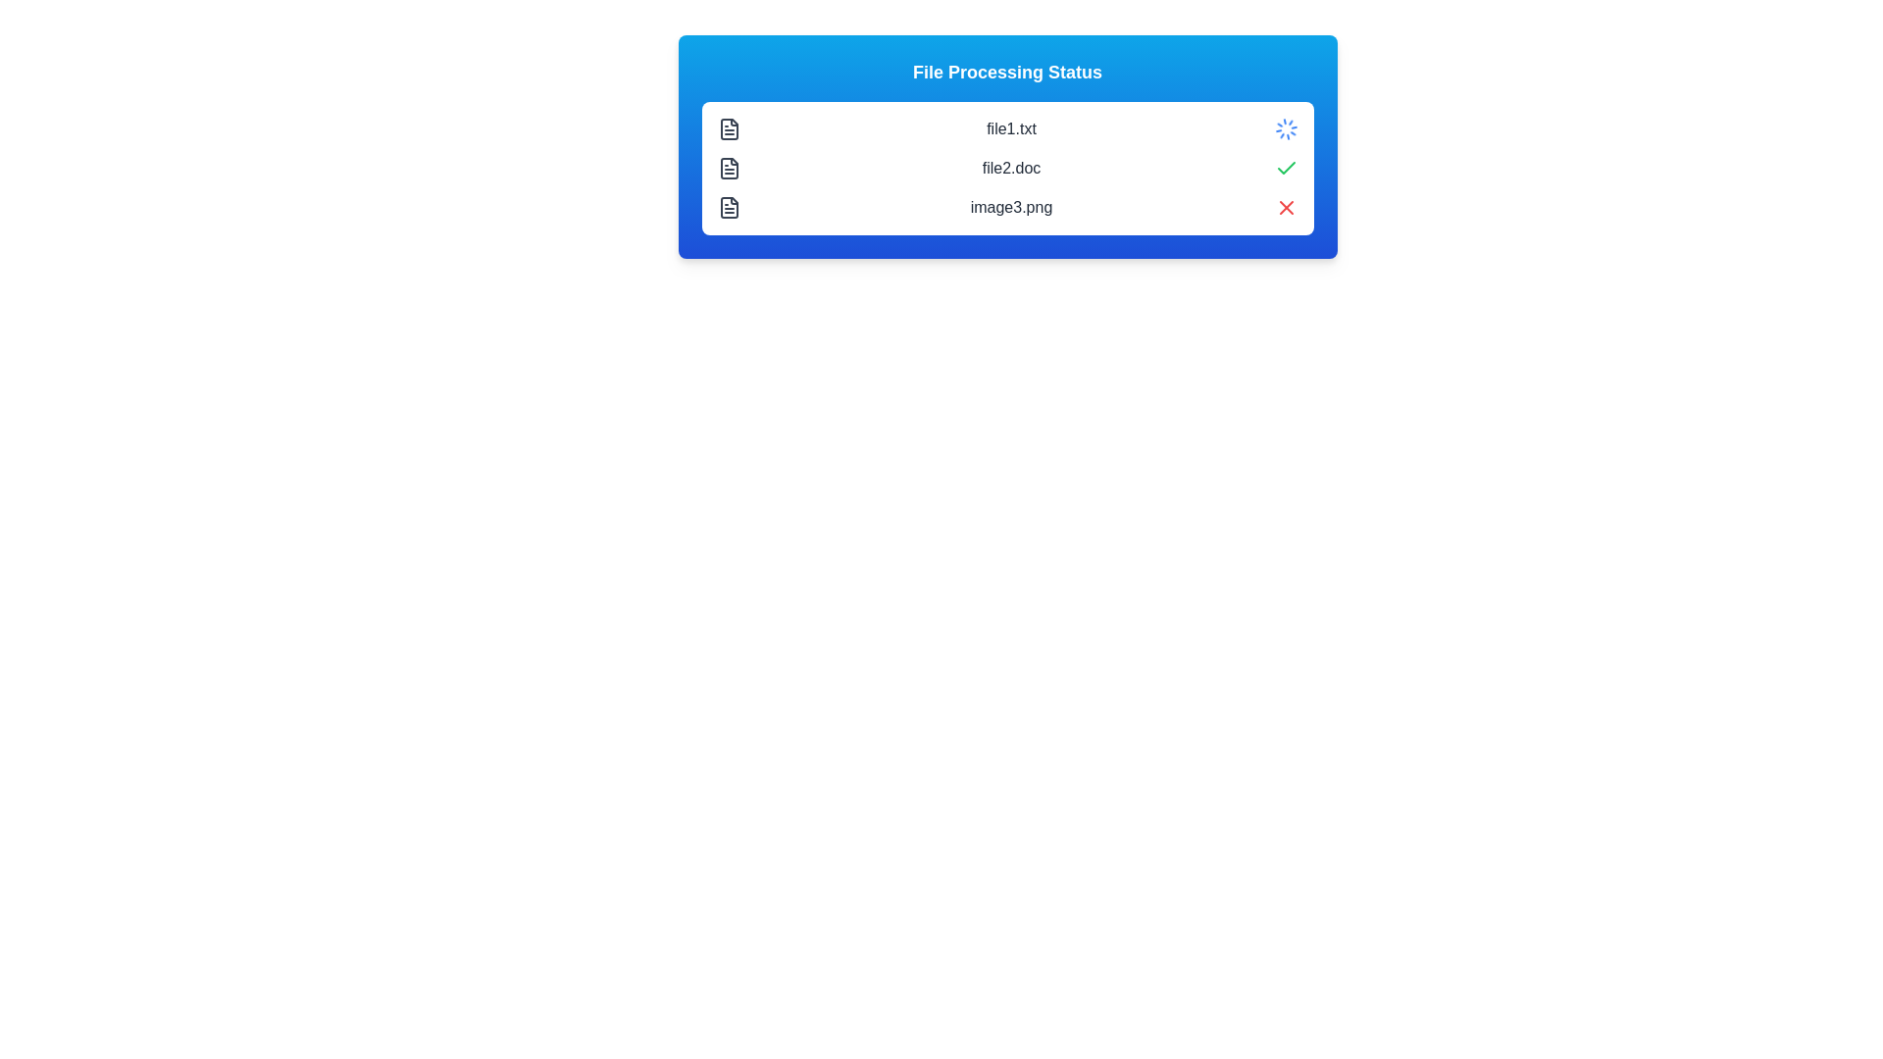  What do you see at coordinates (1286, 168) in the screenshot?
I see `the static success indicator icon located in the far-right section of the row associated with 'file2.doc' in the 'File Processing Status' section` at bounding box center [1286, 168].